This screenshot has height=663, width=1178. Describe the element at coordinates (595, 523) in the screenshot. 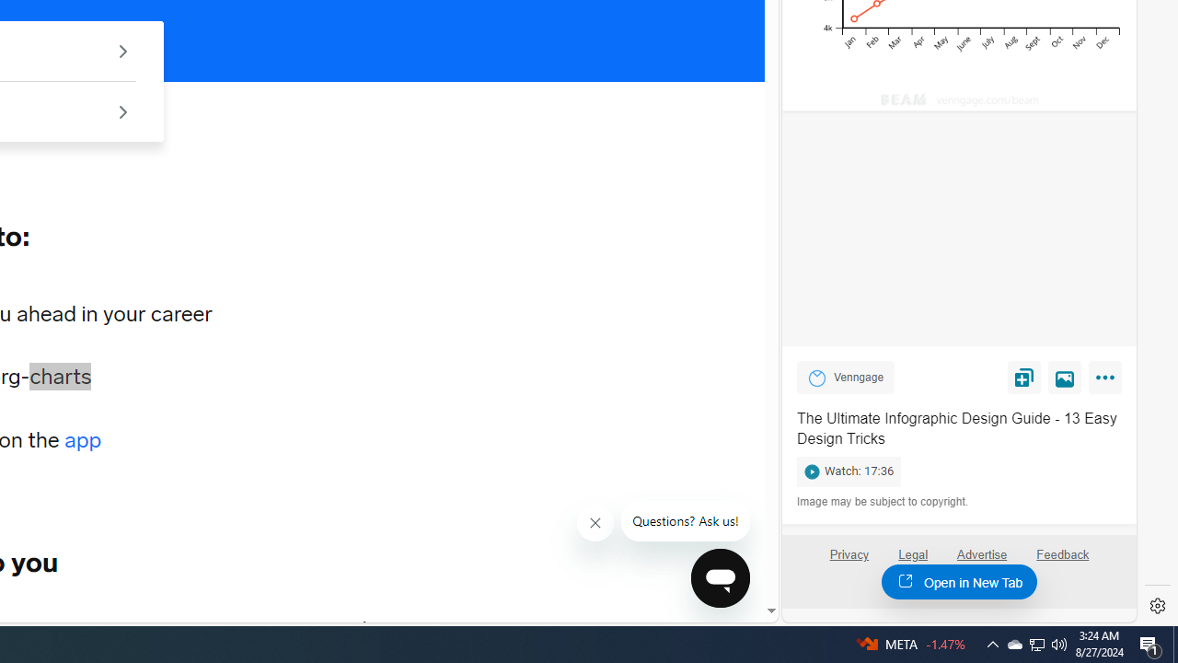

I see `'Close message from company'` at that location.